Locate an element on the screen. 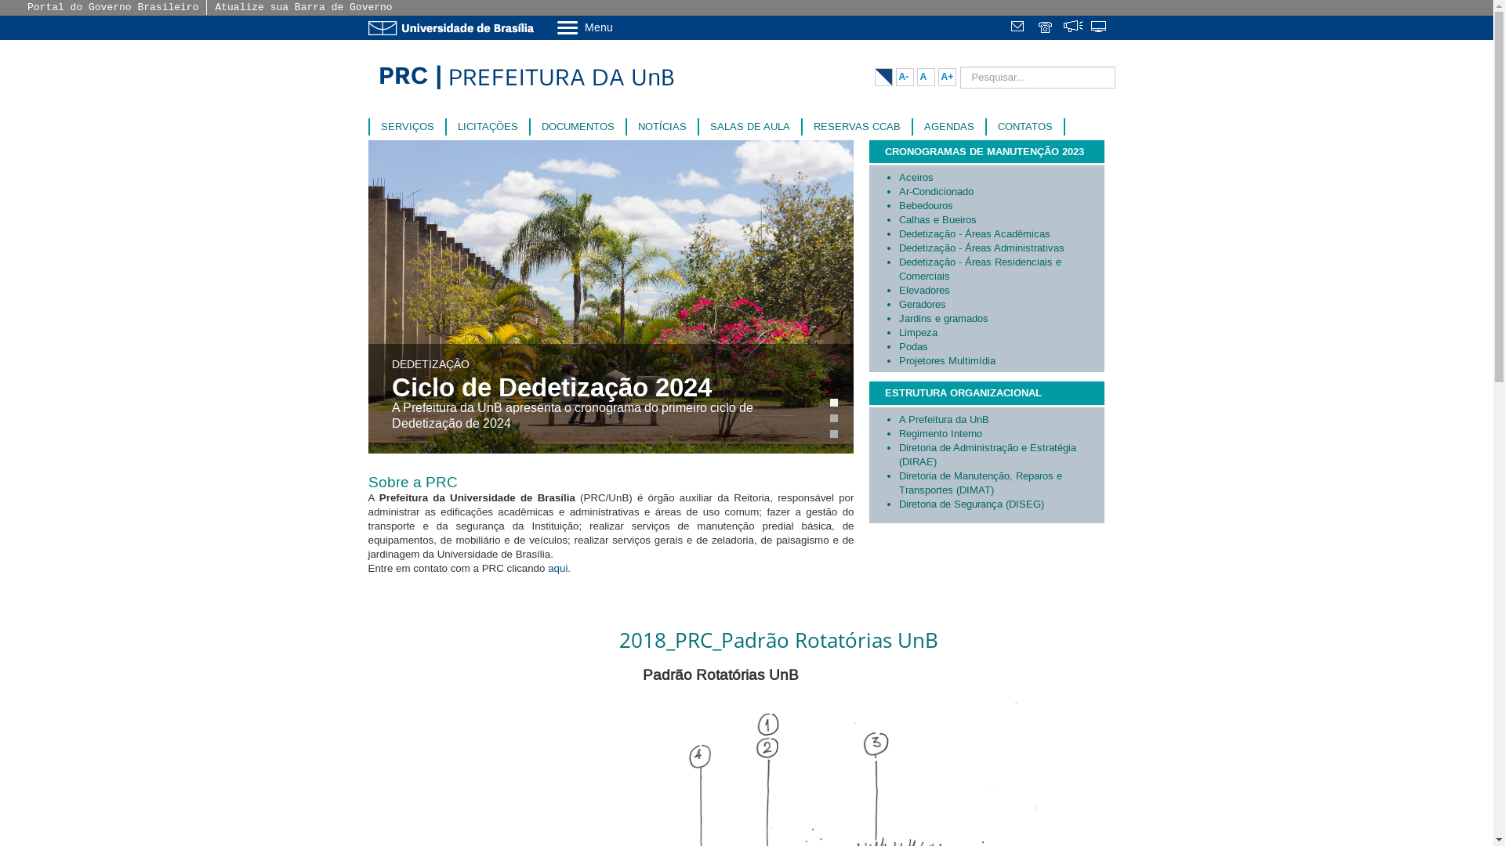  'Atualize sua Barra de Governo' is located at coordinates (303, 7).